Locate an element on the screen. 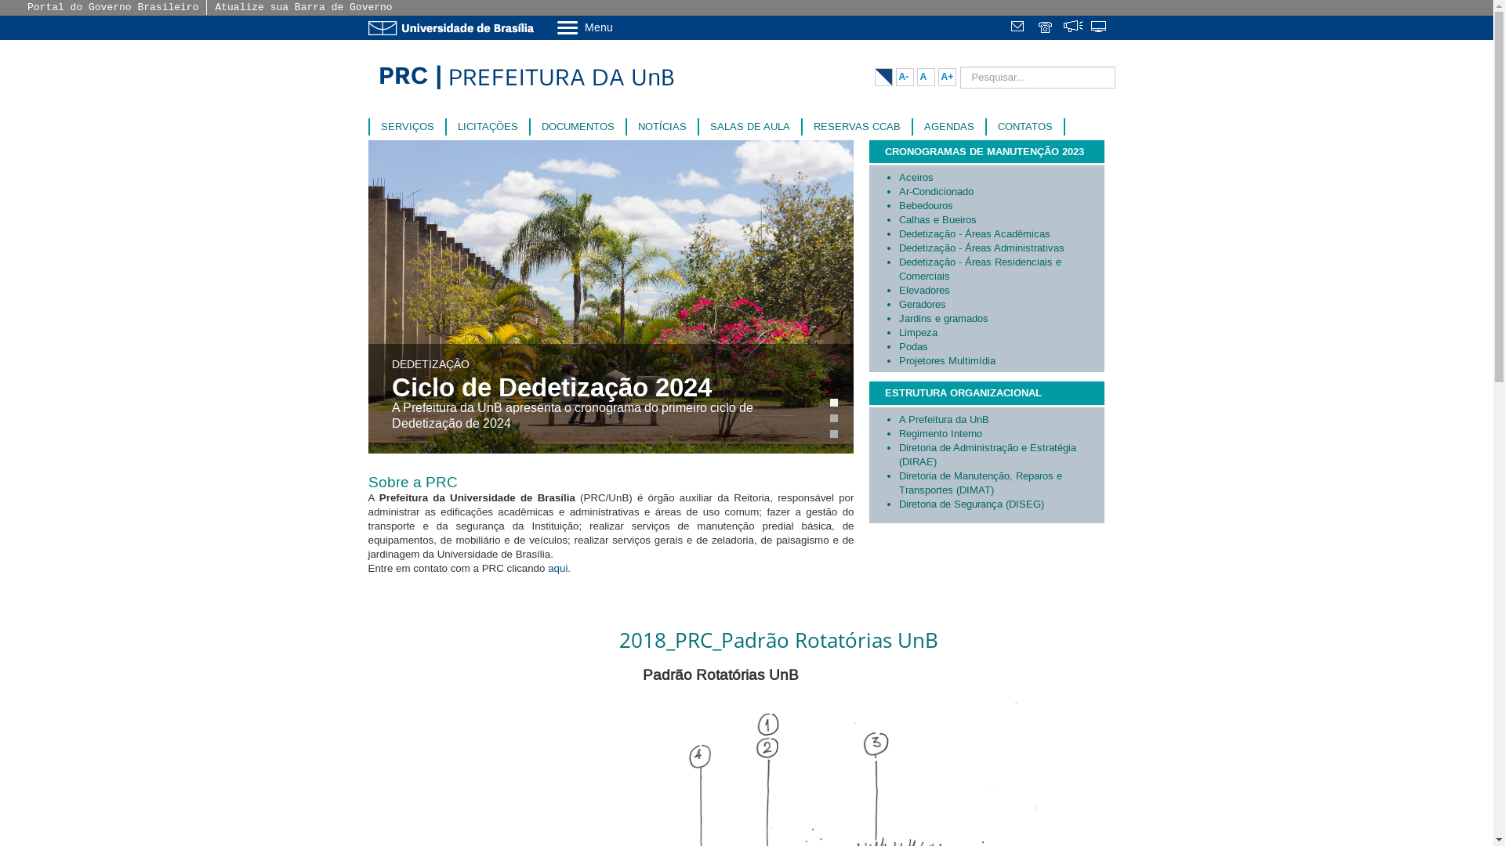  'Atualize sua Barra de Governo' is located at coordinates (303, 7).